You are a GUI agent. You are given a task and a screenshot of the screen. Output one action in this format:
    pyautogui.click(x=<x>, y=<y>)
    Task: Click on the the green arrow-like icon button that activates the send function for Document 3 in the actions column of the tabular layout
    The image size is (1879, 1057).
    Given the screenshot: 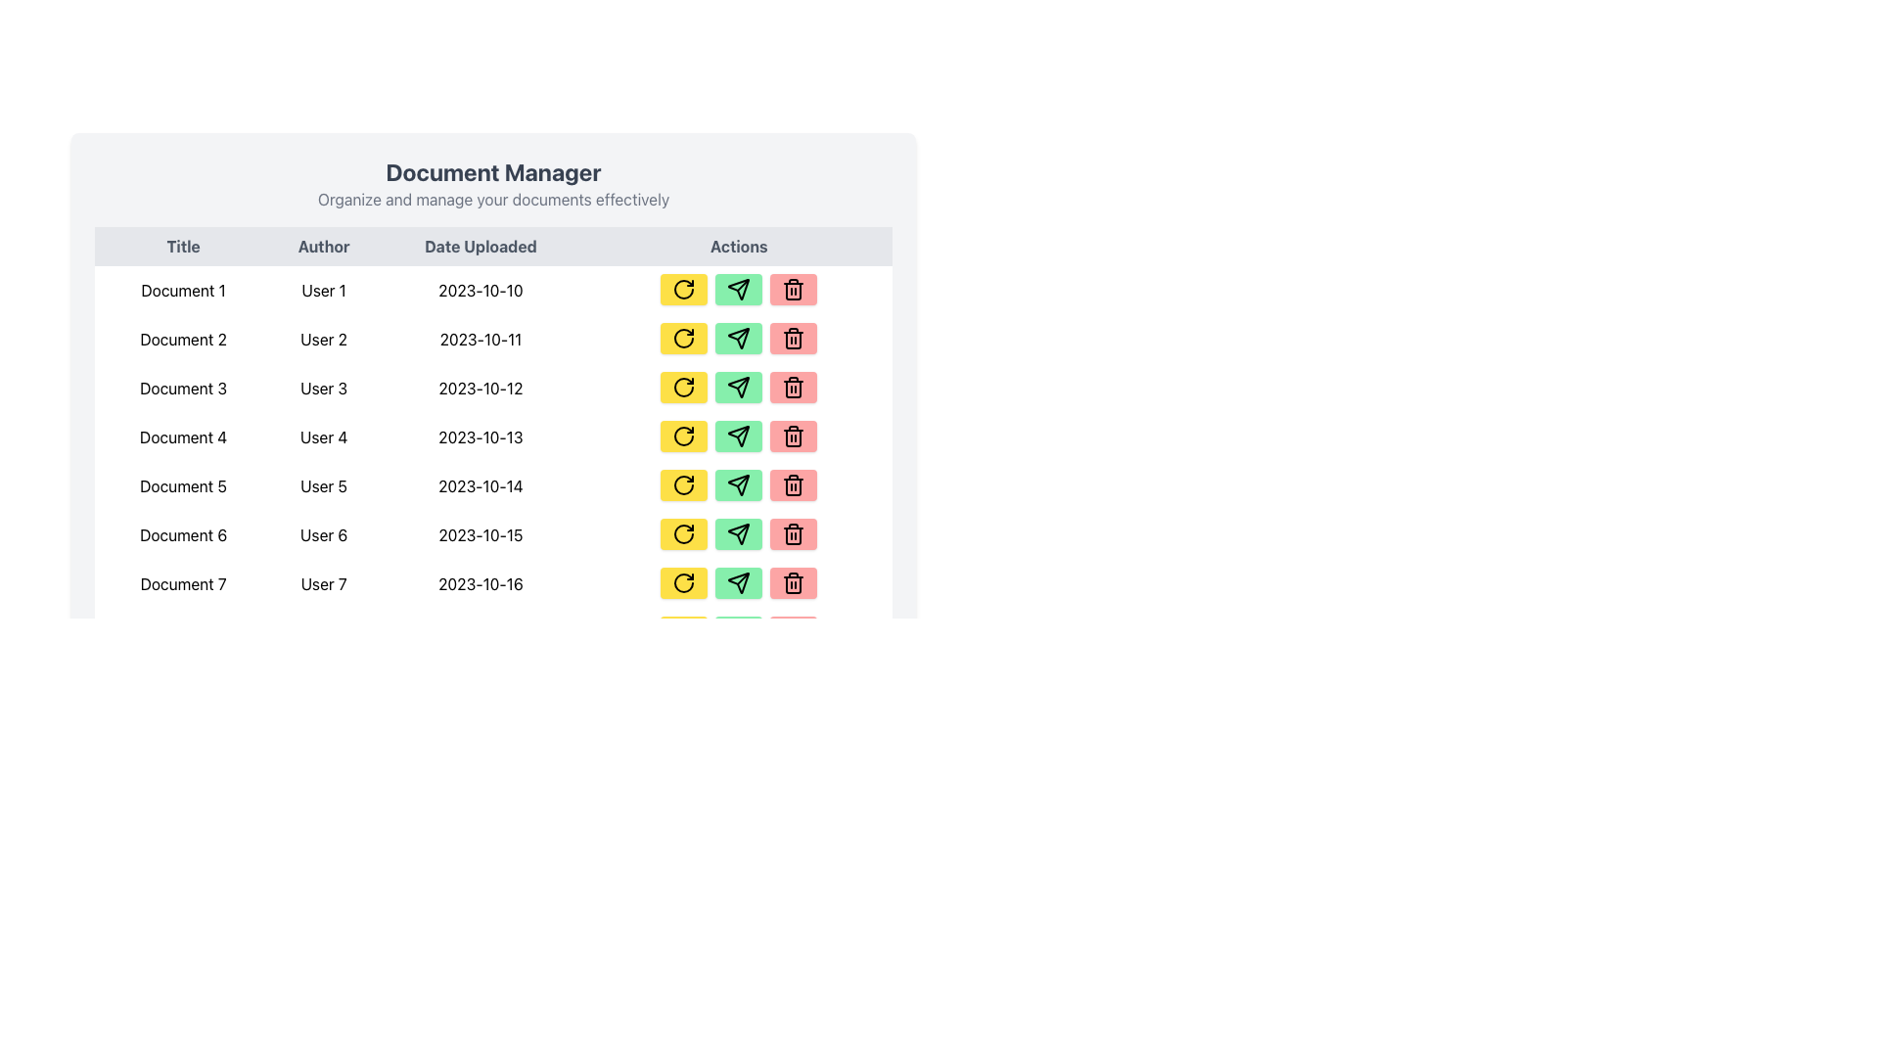 What is the action you would take?
    pyautogui.click(x=738, y=290)
    